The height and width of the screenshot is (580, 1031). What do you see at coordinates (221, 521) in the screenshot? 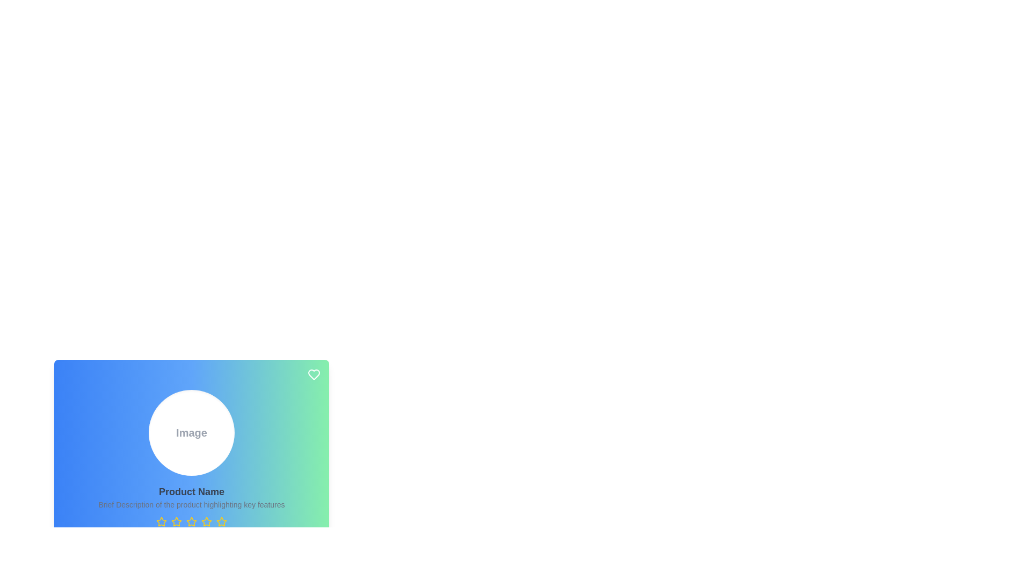
I see `the fifth yellow star icon with a blue border to rate it` at bounding box center [221, 521].